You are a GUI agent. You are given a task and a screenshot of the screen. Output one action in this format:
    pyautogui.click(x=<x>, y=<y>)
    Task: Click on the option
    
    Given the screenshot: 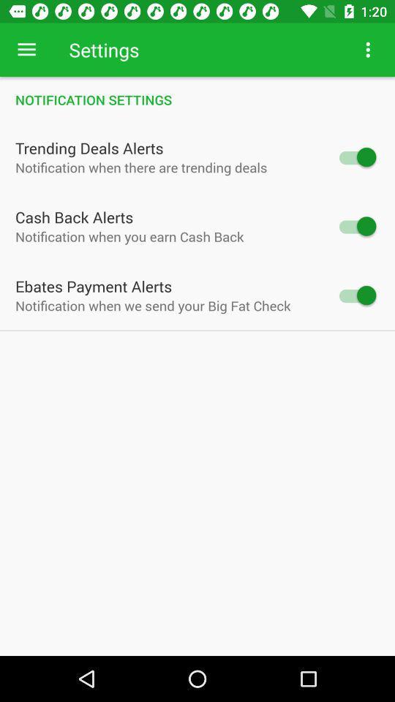 What is the action you would take?
    pyautogui.click(x=355, y=157)
    